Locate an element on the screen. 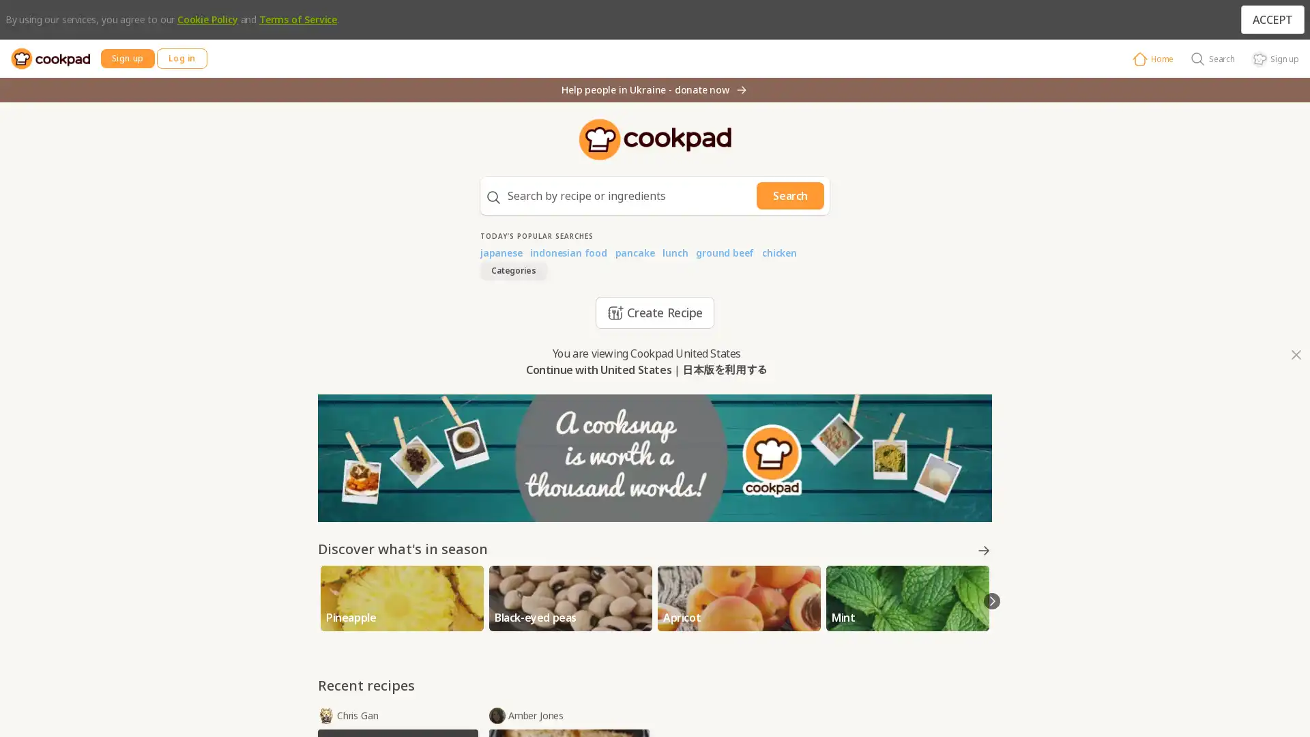  Create Recipe is located at coordinates (654, 313).